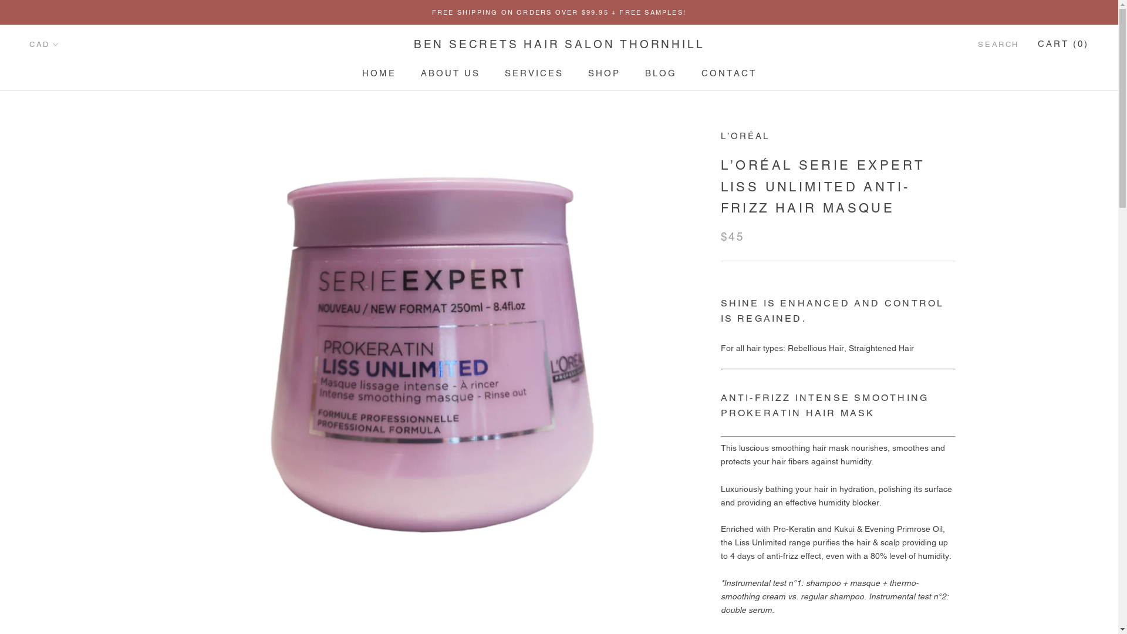  What do you see at coordinates (420, 73) in the screenshot?
I see `'ABOUT US` at bounding box center [420, 73].